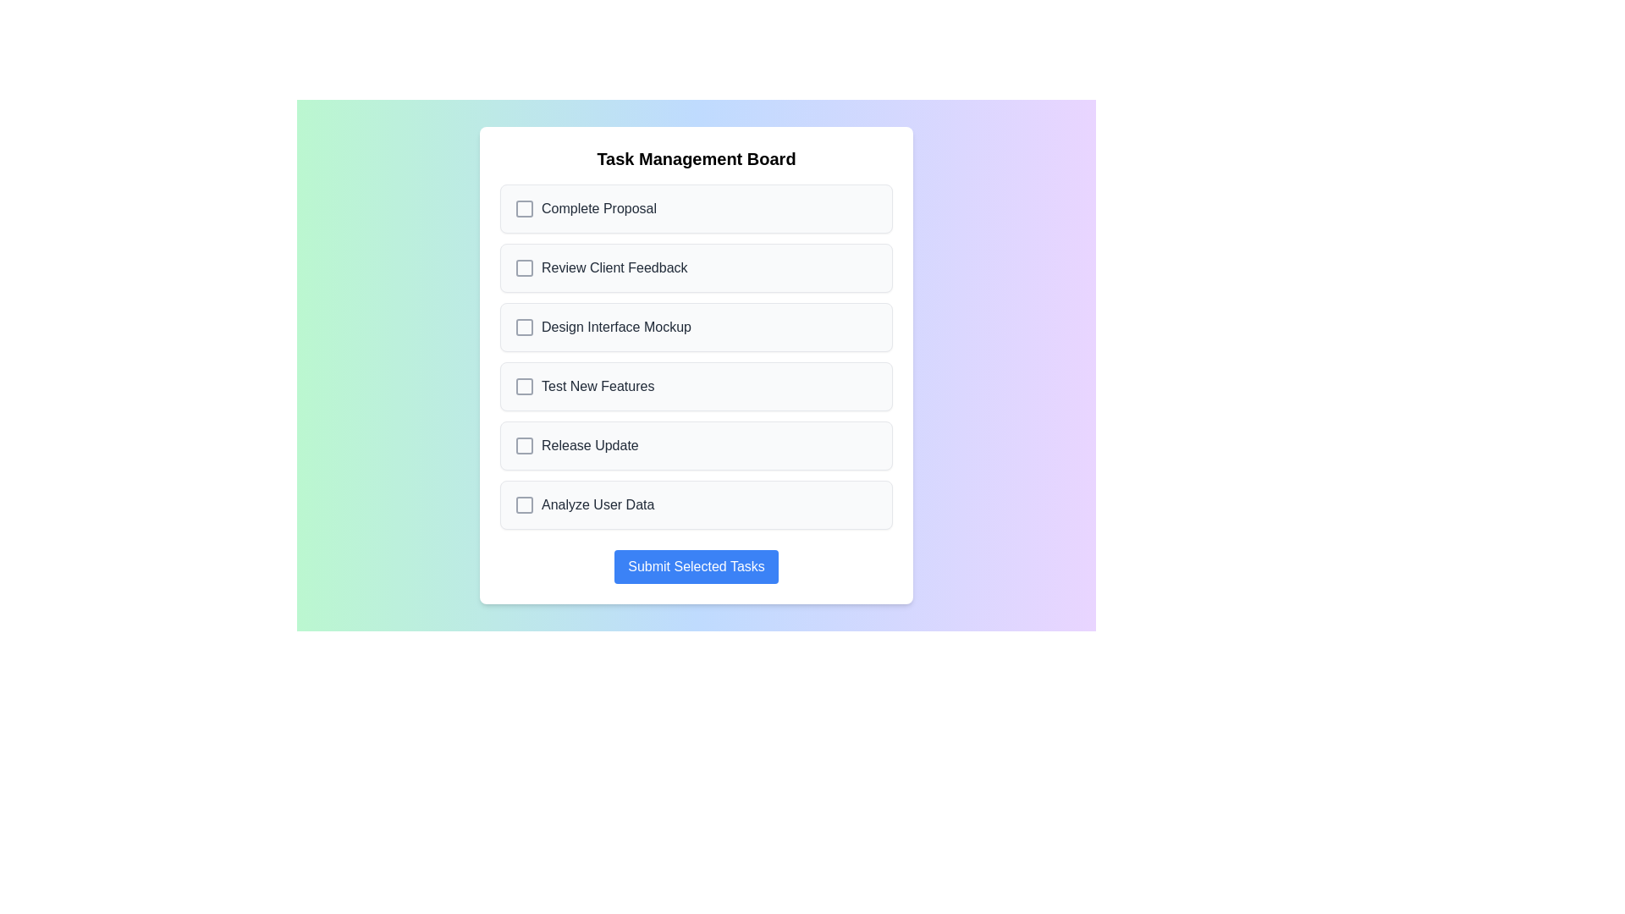 Image resolution: width=1625 pixels, height=914 pixels. I want to click on the task named Complete Proposal, so click(696, 207).